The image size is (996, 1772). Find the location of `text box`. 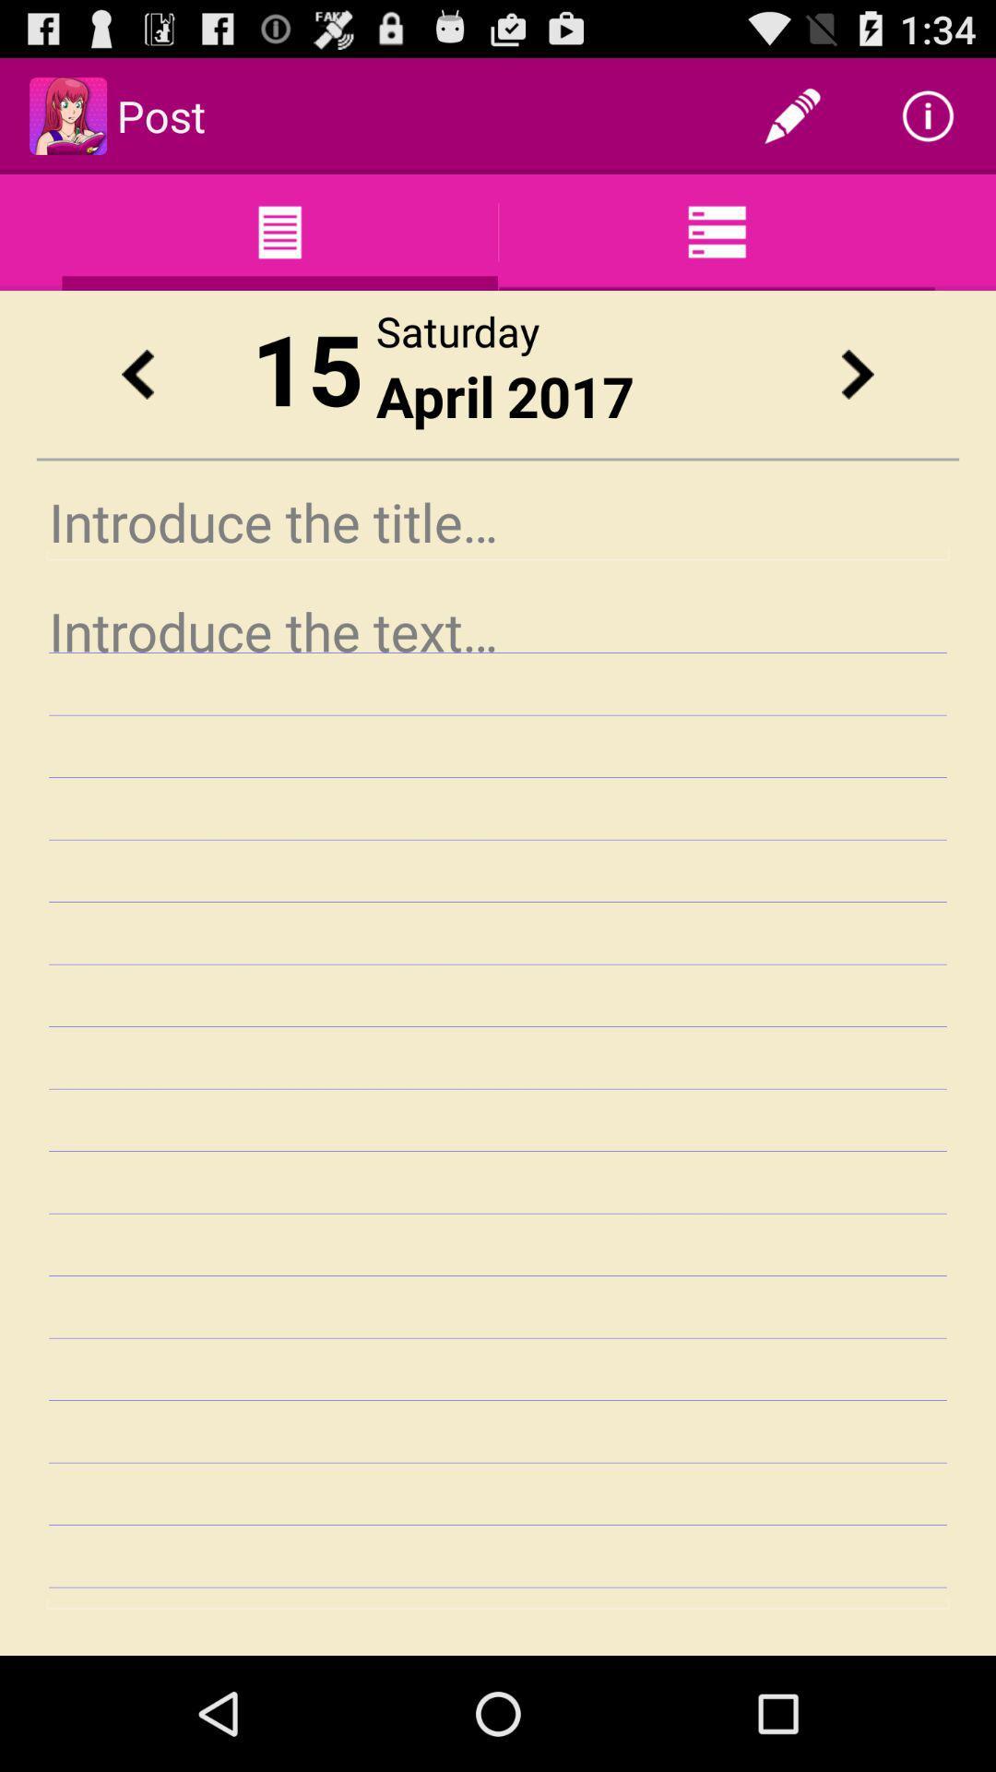

text box is located at coordinates (498, 1100).